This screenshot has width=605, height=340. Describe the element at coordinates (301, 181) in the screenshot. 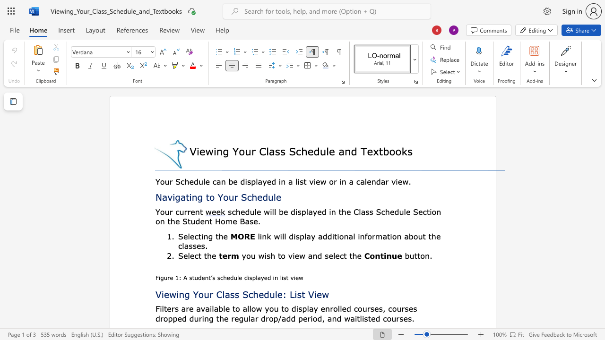

I see `the 2th character "s" in the text` at that location.